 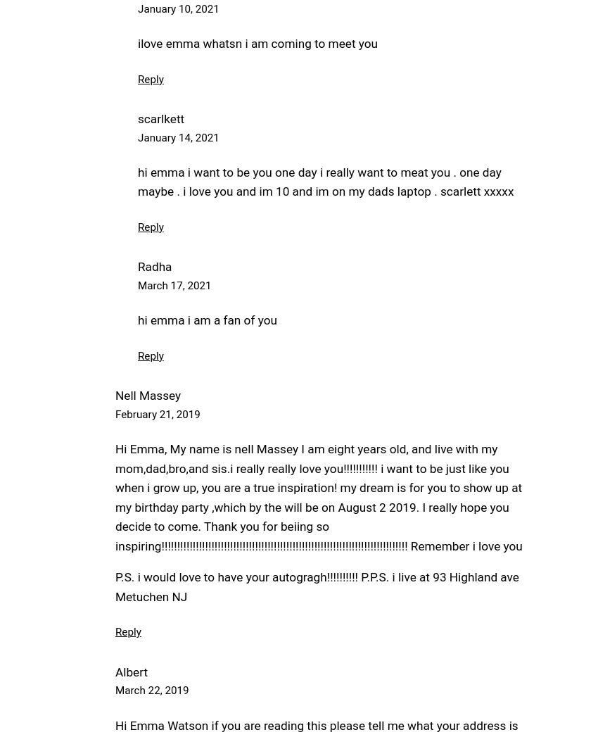 I want to click on 'hi emma i am a fan of you', so click(x=206, y=319).